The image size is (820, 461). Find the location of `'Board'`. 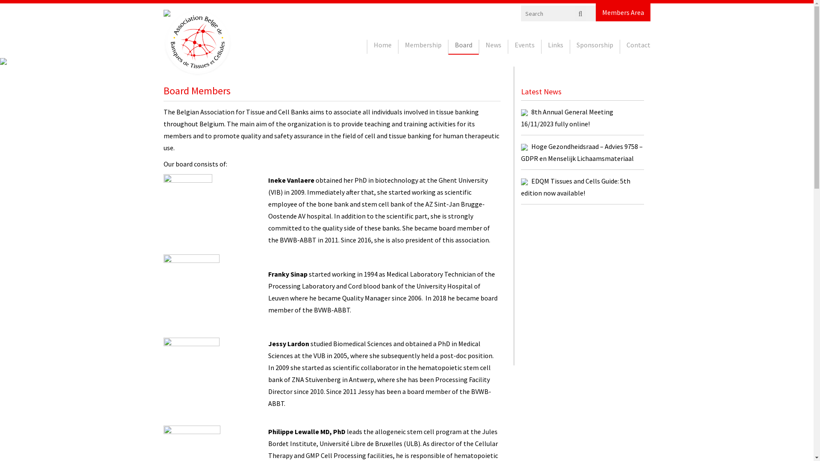

'Board' is located at coordinates (448, 47).